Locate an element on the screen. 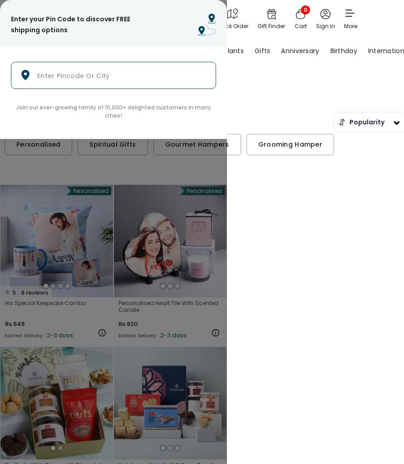 The height and width of the screenshot is (464, 404). 'Flowers' is located at coordinates (109, 51).